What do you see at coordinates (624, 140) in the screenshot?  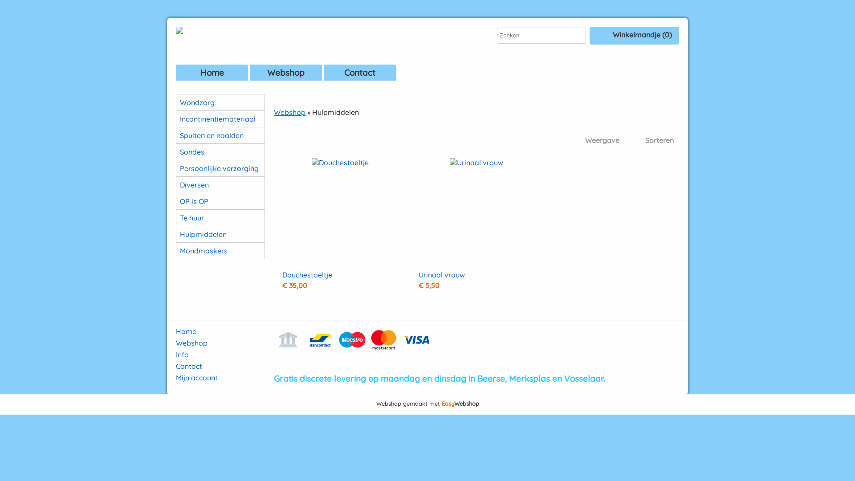 I see `'Sorteren'` at bounding box center [624, 140].